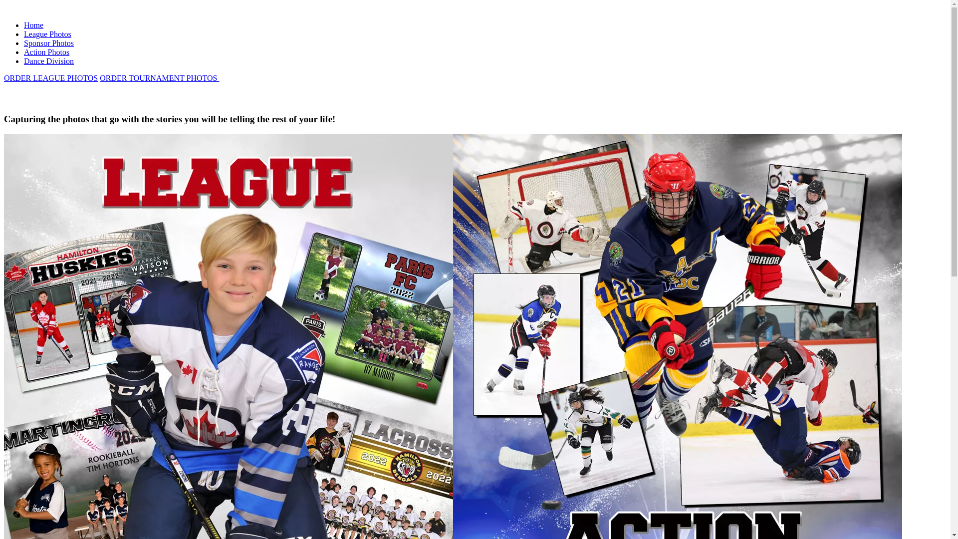 The image size is (958, 539). What do you see at coordinates (50, 77) in the screenshot?
I see `'ORDER LEAGUE PHOTOS'` at bounding box center [50, 77].